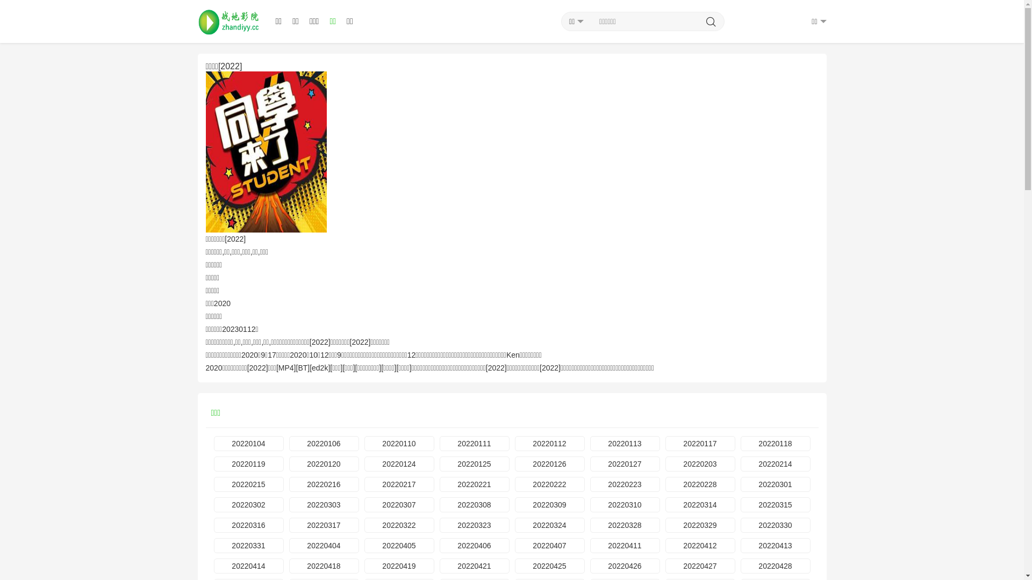  What do you see at coordinates (324, 505) in the screenshot?
I see `'20220303'` at bounding box center [324, 505].